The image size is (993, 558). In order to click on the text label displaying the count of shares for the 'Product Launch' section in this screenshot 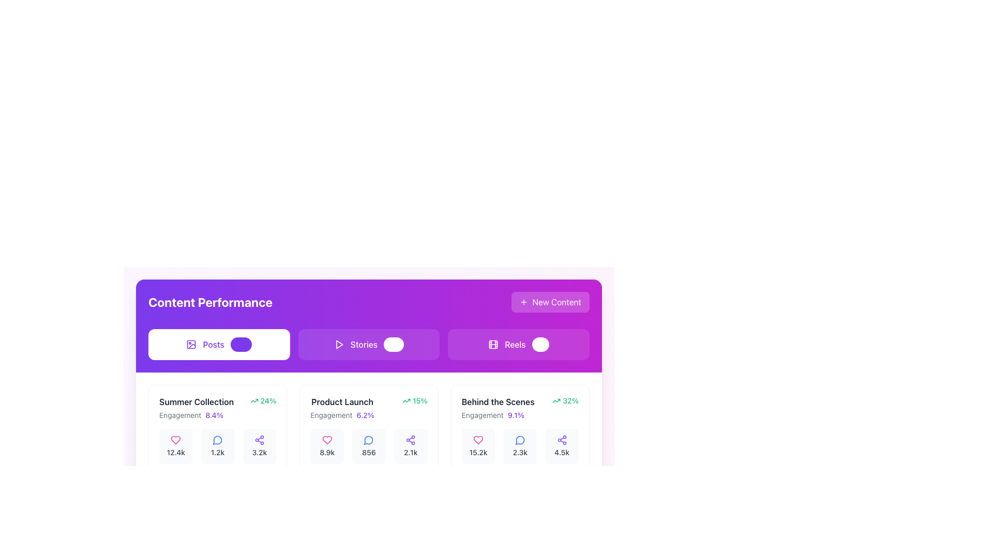, I will do `click(410, 452)`.